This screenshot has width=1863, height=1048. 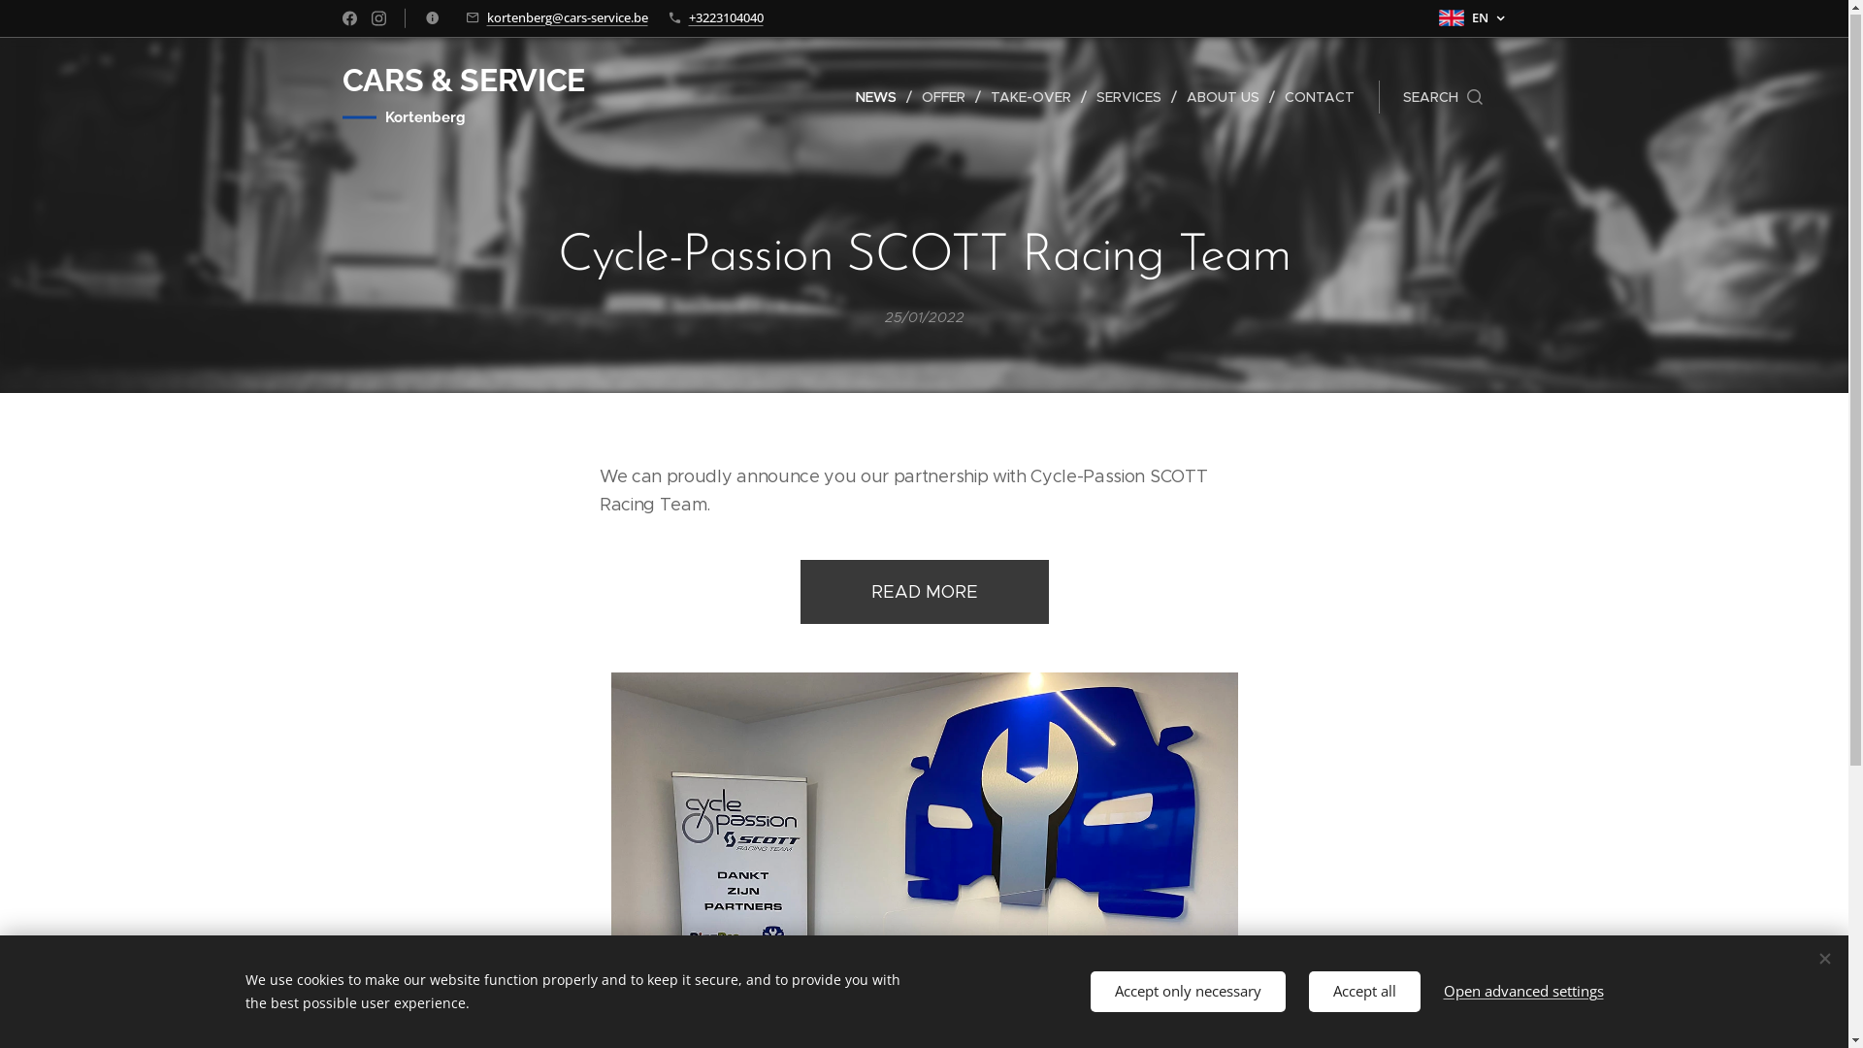 I want to click on 'Facebook', so click(x=349, y=18).